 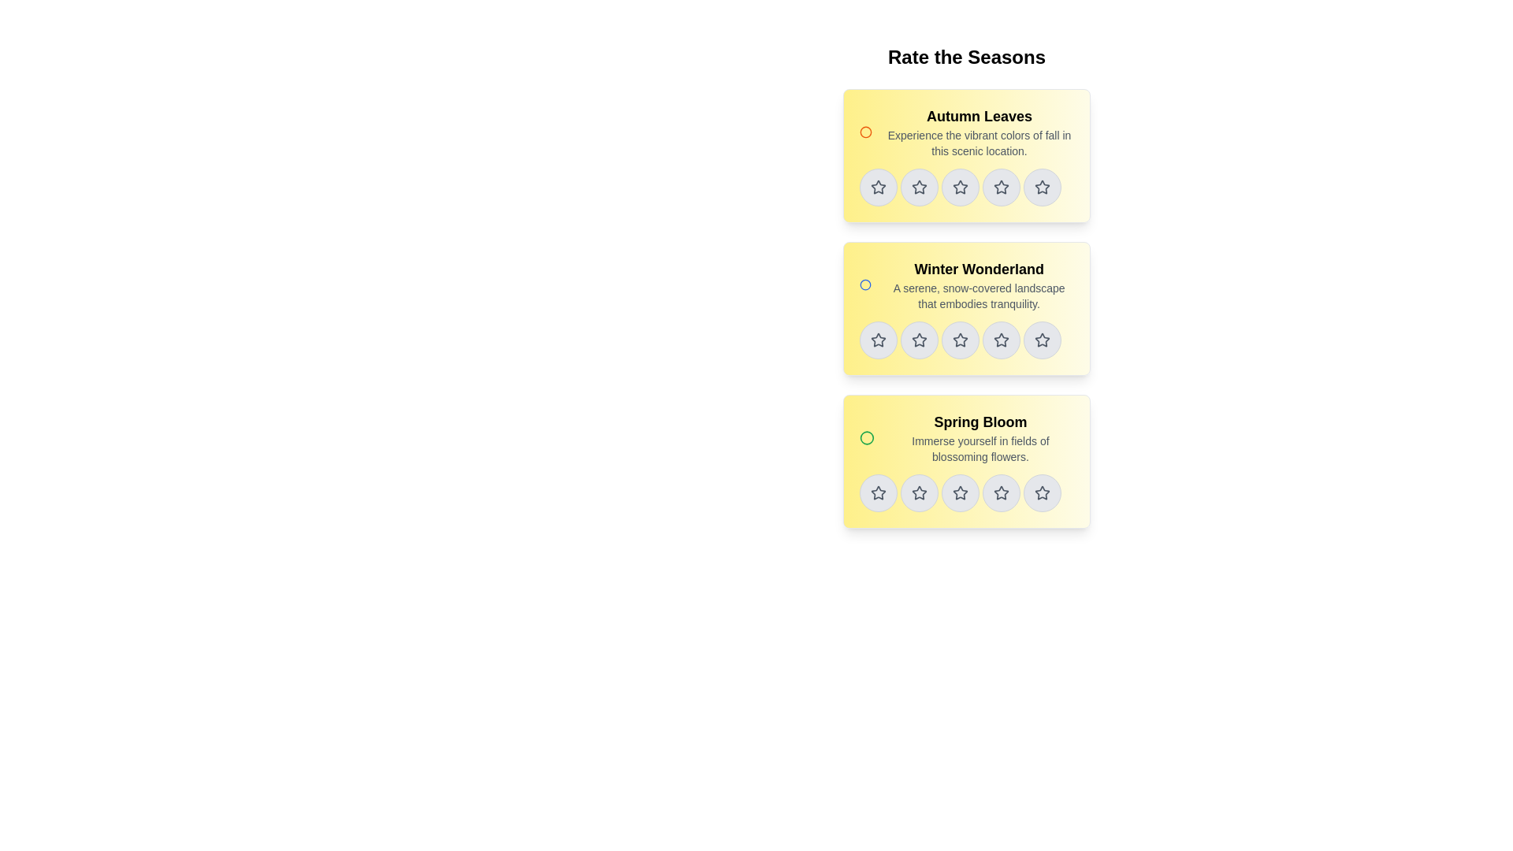 I want to click on the fourth star icon (interactive rating star) in the row under the 'Winter Wonderland' section, so click(x=1043, y=339).